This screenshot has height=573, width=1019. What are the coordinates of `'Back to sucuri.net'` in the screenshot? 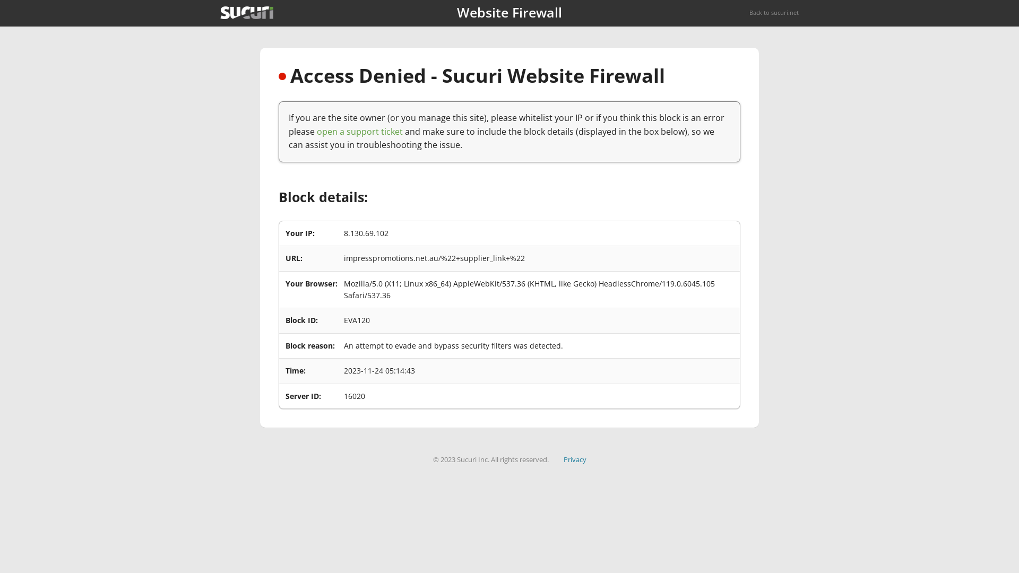 It's located at (774, 12).